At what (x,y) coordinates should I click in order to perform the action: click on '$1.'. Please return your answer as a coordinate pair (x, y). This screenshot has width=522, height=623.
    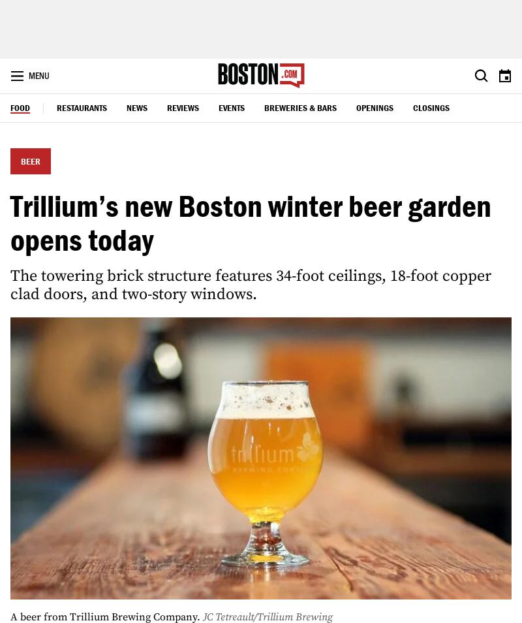
    Looking at the image, I should click on (340, 350).